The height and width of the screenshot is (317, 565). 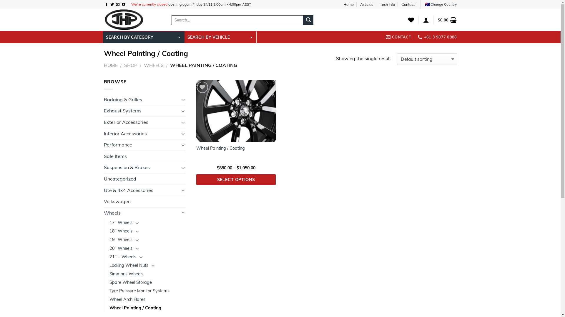 I want to click on 'Exterior Accessories', so click(x=103, y=122).